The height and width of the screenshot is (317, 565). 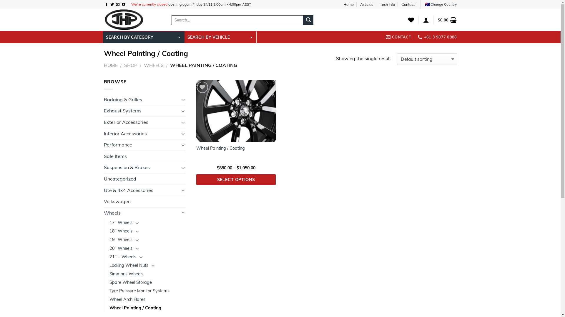 I want to click on 'Exterior Accessories', so click(x=103, y=122).